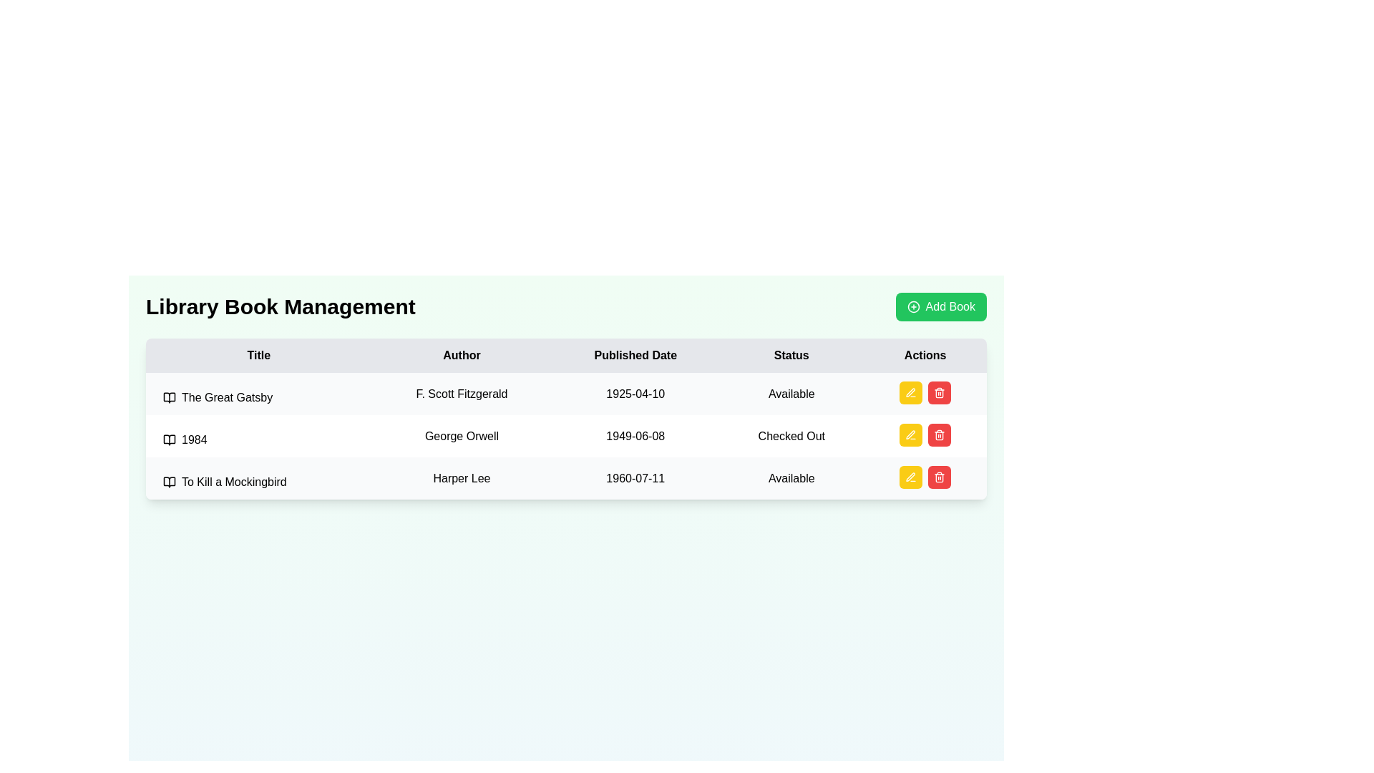  What do you see at coordinates (925, 392) in the screenshot?
I see `the trash can icon located in the 'Actions' column of the first row for the book entry 'The Great Gatsby'` at bounding box center [925, 392].